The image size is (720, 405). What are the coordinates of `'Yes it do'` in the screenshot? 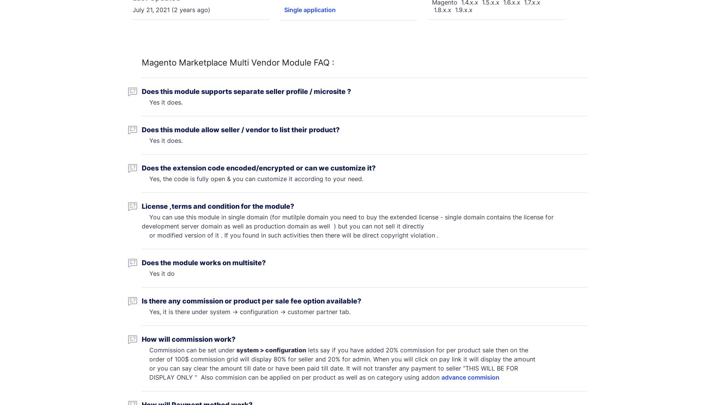 It's located at (159, 273).